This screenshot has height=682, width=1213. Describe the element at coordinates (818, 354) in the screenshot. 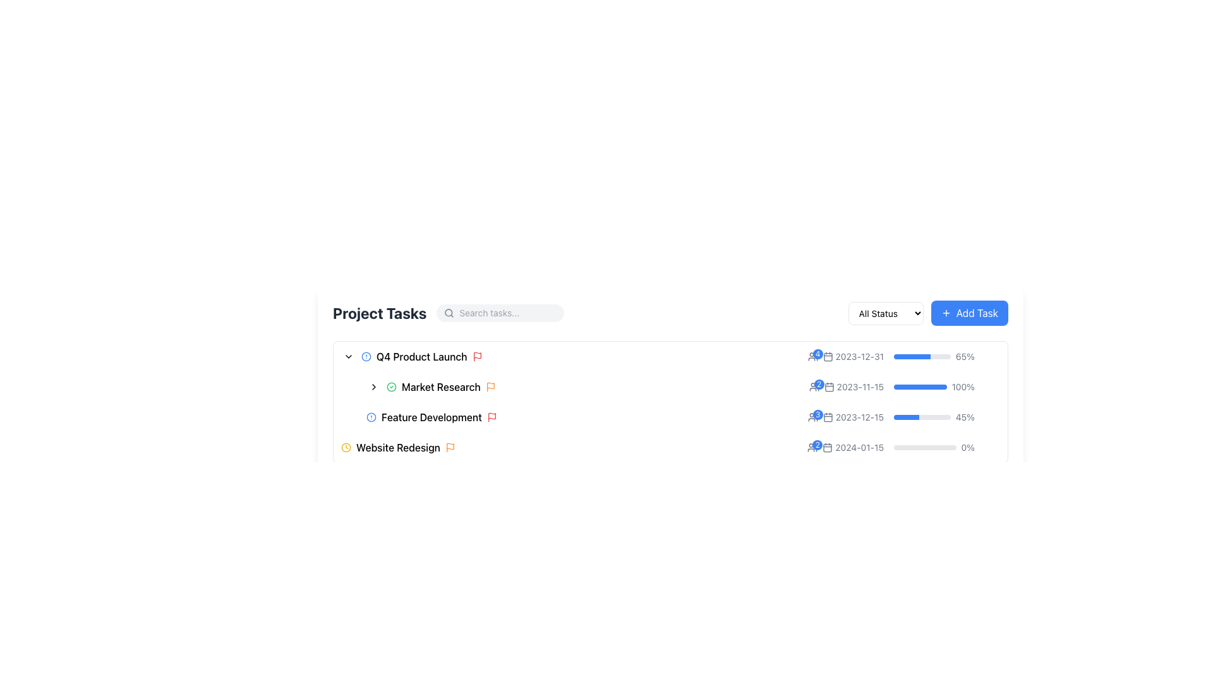

I see `the badge indicating the count of users or items associated with a task, located at the upper-right corner of the grouped users icon in the task information table` at that location.